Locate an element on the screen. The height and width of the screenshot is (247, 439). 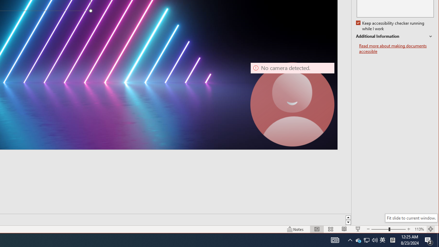
'Zoom 113%' is located at coordinates (419, 229).